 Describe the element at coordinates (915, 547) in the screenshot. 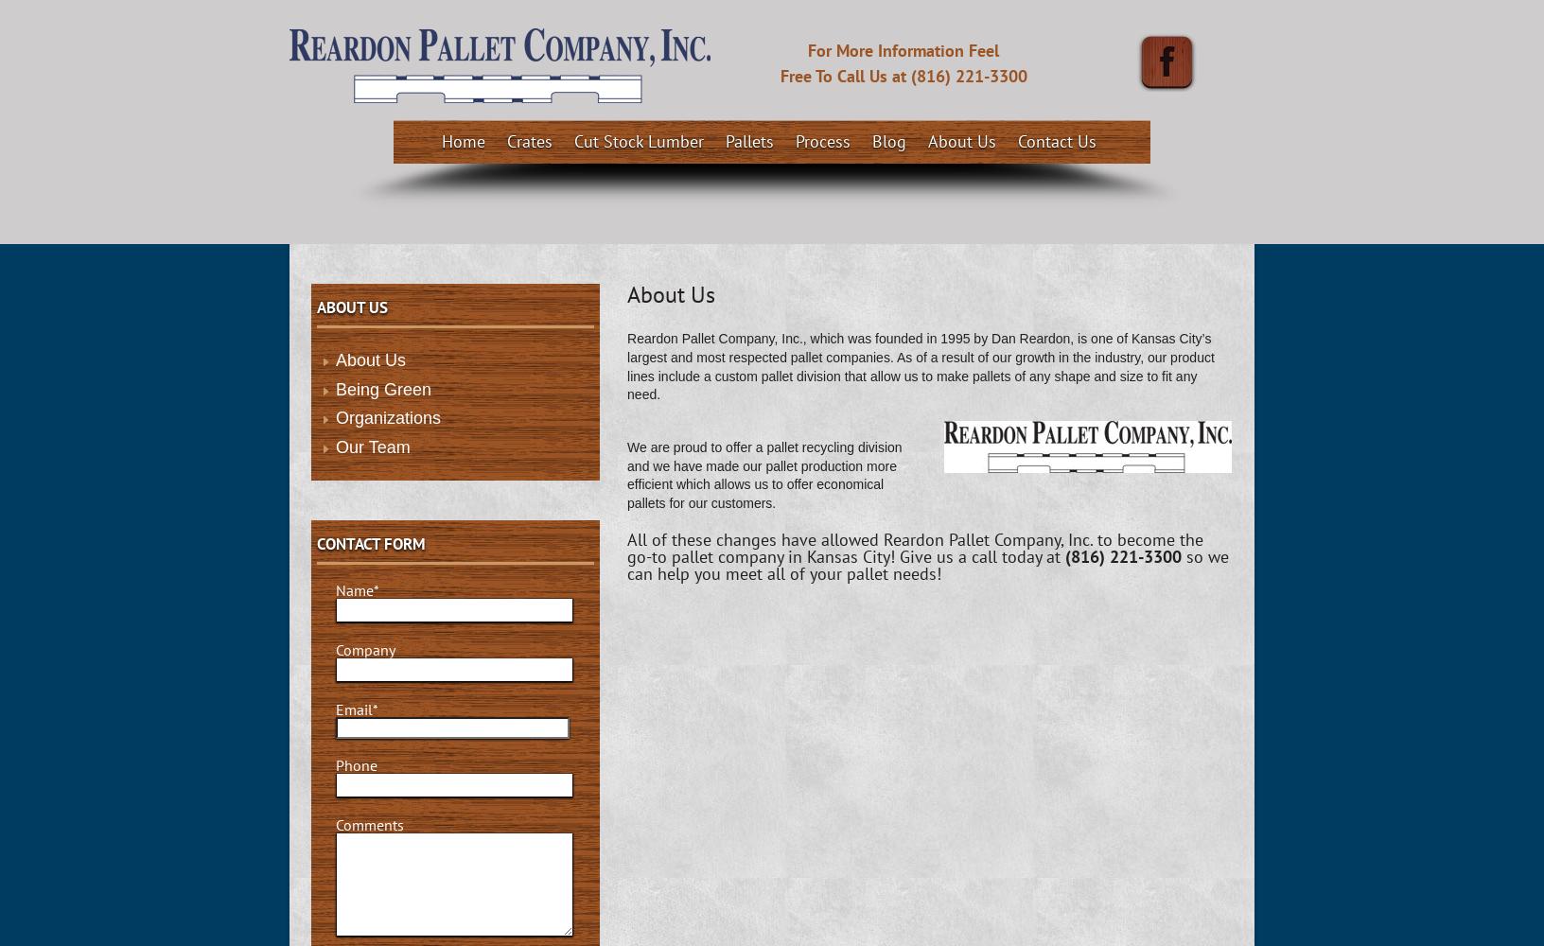

I see `'All of these changes have allowed Reardon Pallet Company, Inc. to become the go-to pallet company in Kansas City! Give us a call today at'` at that location.